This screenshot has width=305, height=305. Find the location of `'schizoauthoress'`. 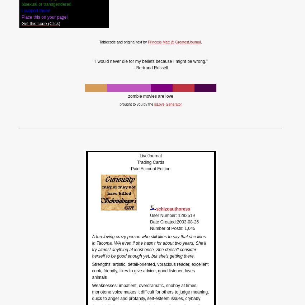

'schizoauthoress' is located at coordinates (173, 208).